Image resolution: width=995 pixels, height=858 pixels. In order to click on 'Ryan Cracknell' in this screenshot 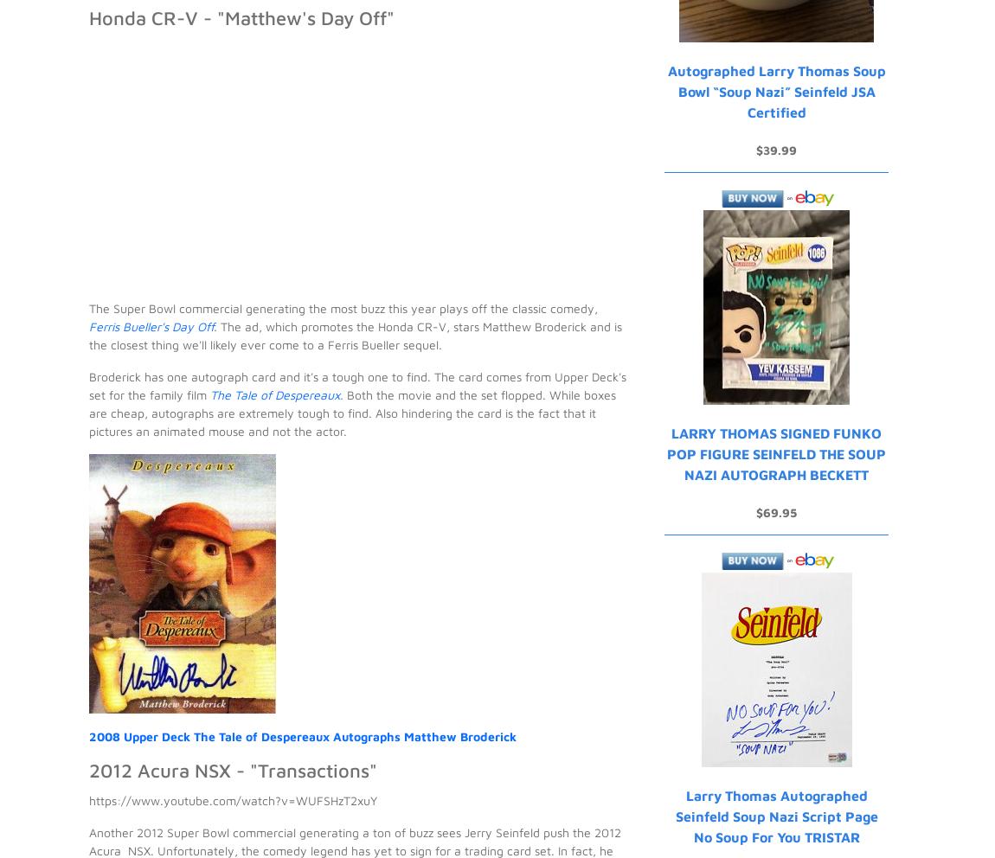, I will do `click(221, 64)`.